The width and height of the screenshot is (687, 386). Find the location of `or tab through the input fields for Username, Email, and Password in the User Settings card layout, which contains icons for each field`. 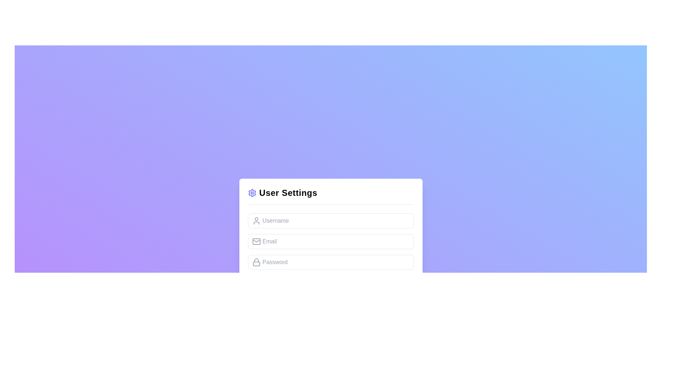

or tab through the input fields for Username, Email, and Password in the User Settings card layout, which contains icons for each field is located at coordinates (330, 251).